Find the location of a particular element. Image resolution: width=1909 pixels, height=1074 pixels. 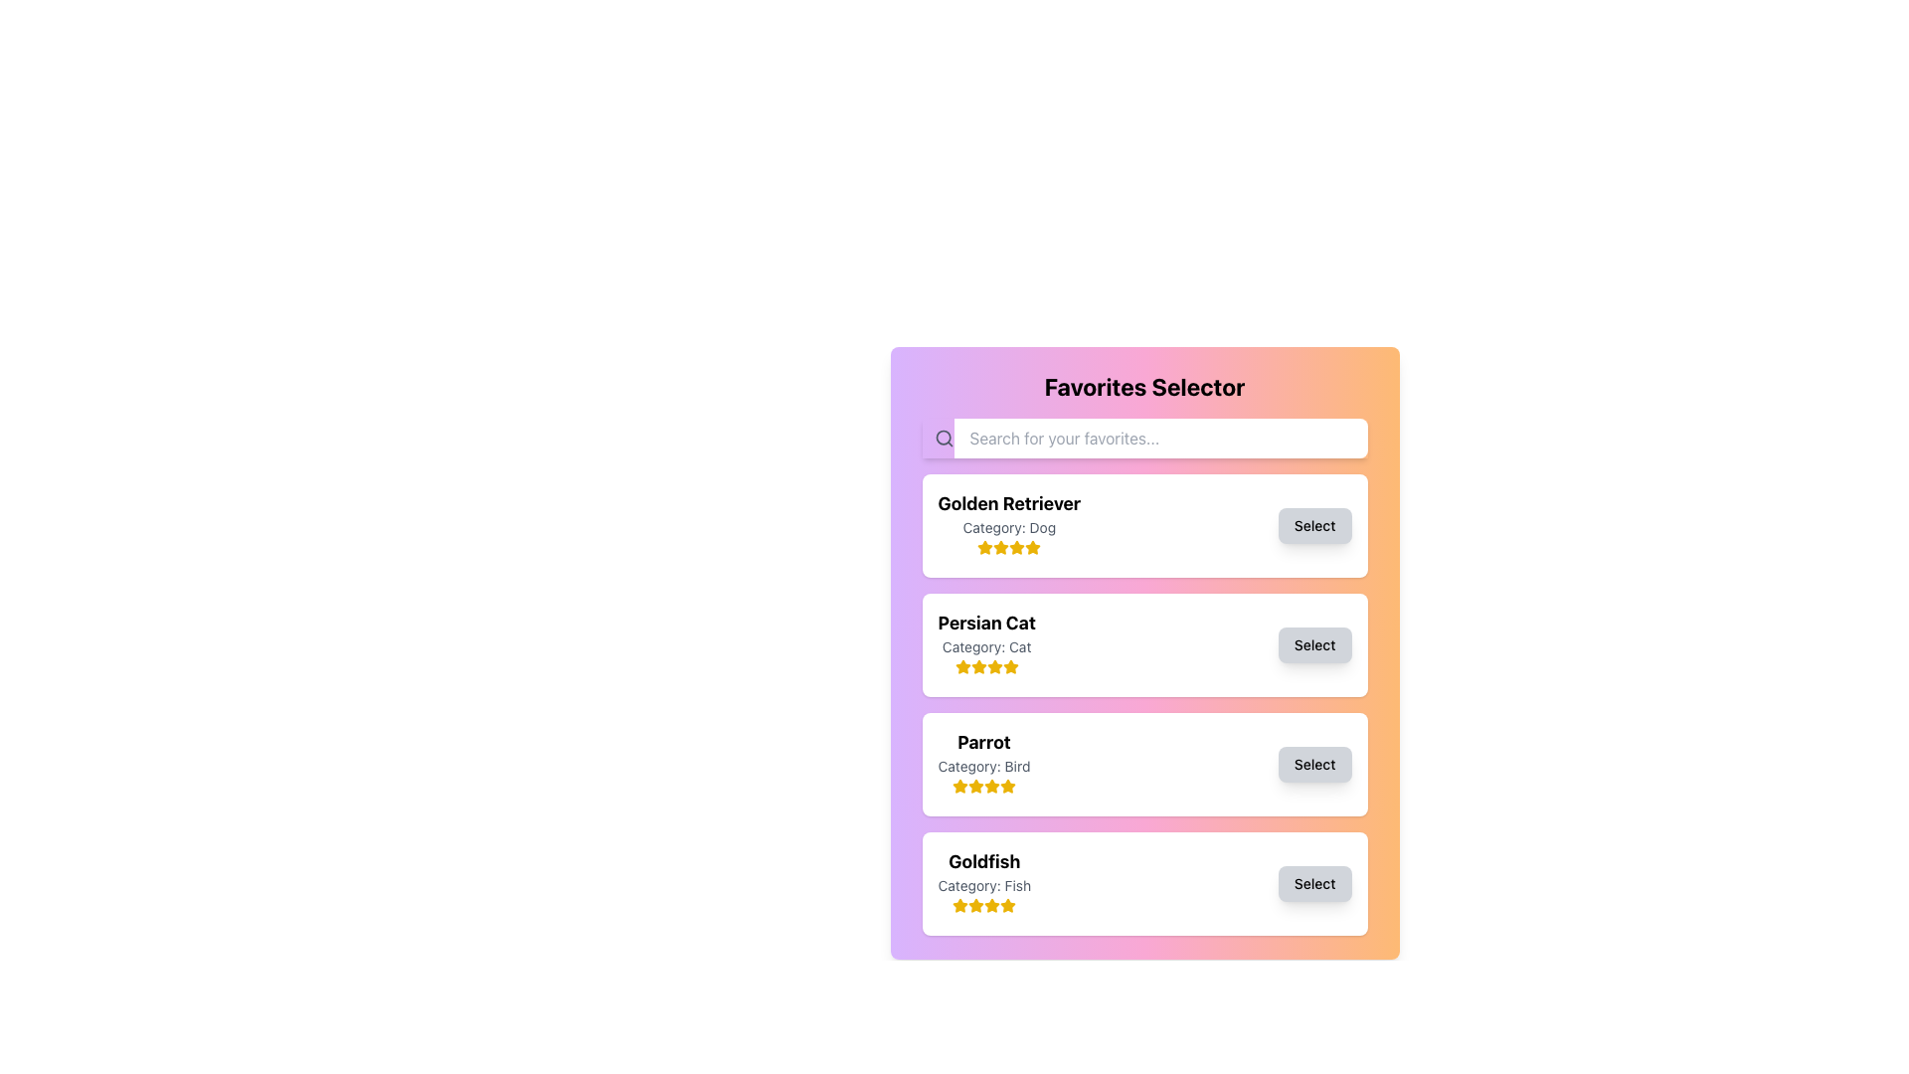

the third star icon from the left in the rating system for the Goldfish item, which is visually represented as filled, indicating its active status is located at coordinates (976, 905).